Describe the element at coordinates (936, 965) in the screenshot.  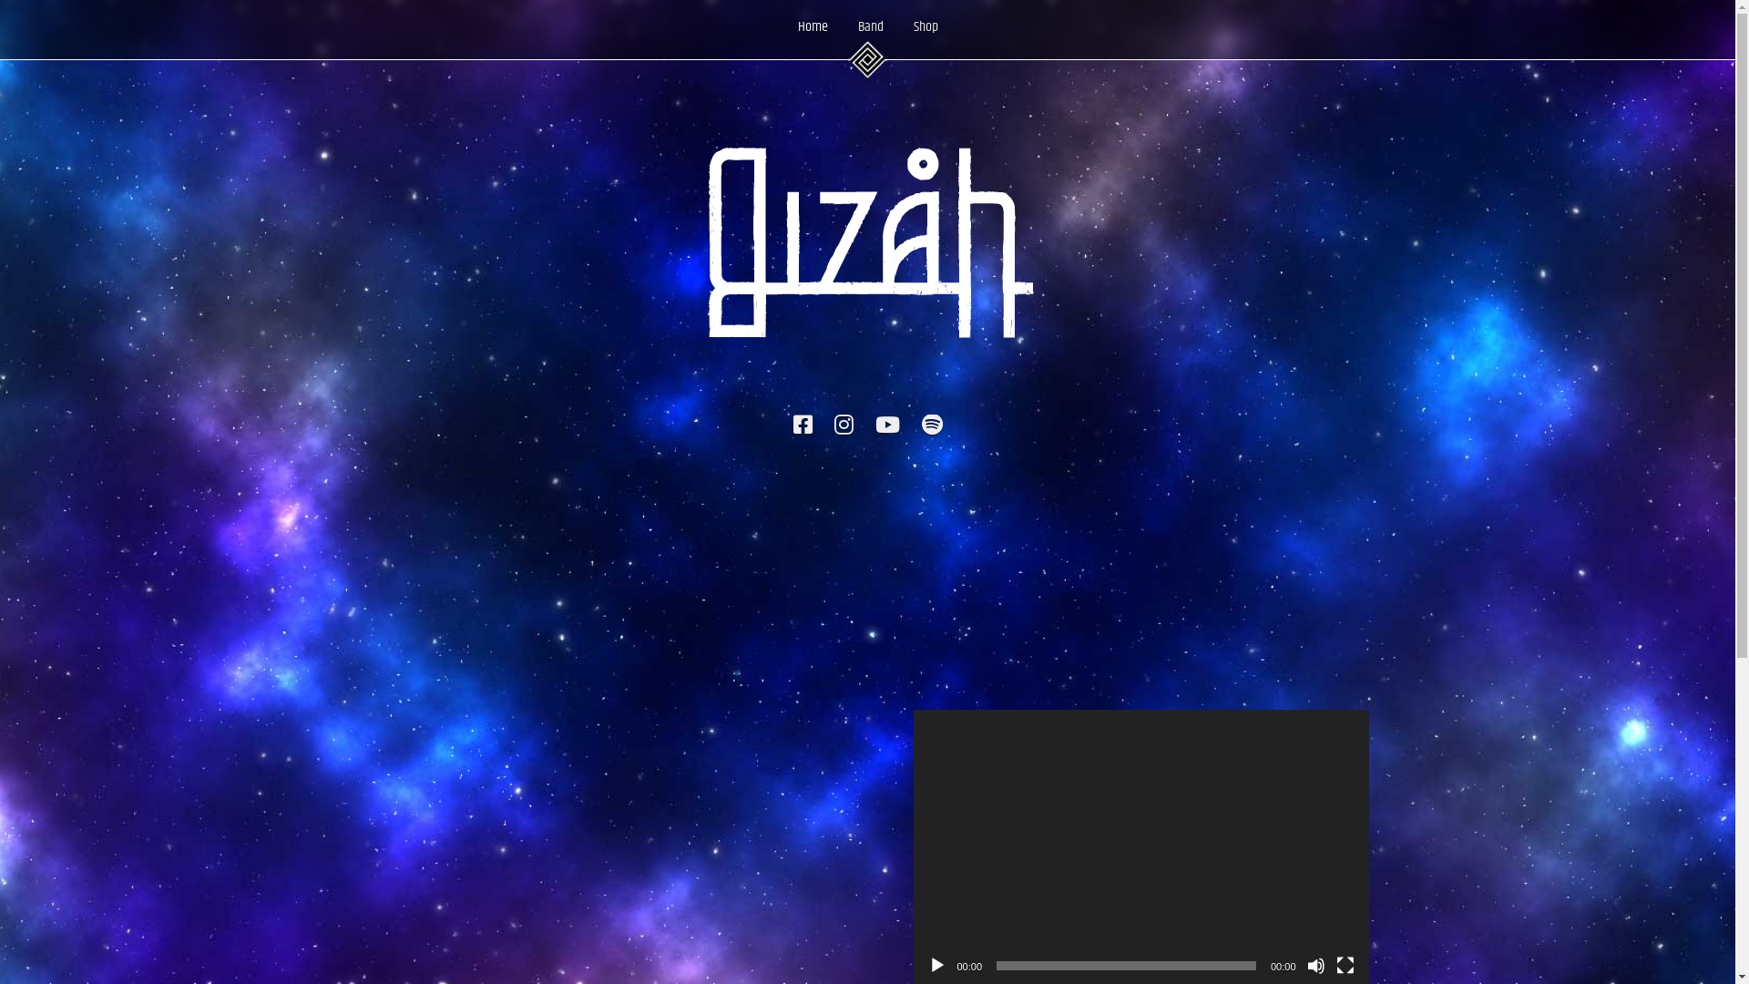
I see `'Play'` at that location.